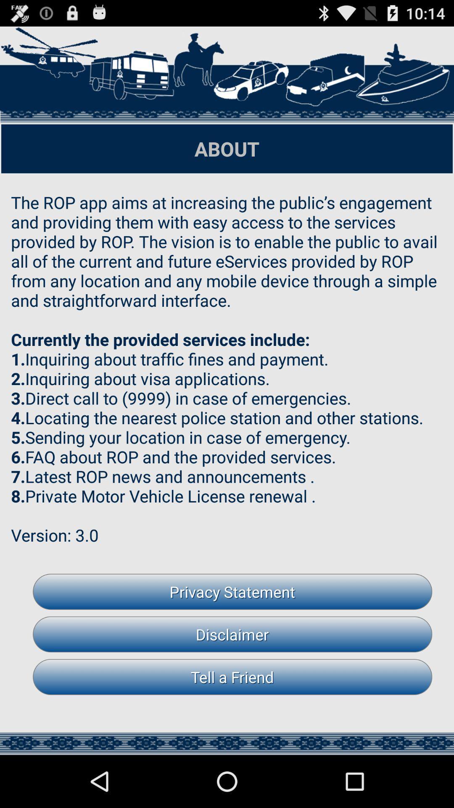 Image resolution: width=454 pixels, height=808 pixels. I want to click on button below privacy statement button, so click(232, 634).